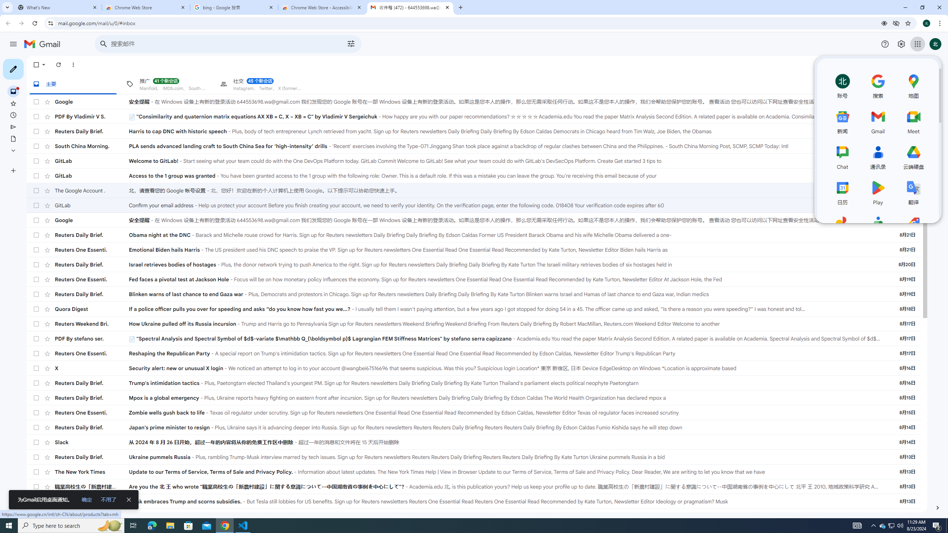 This screenshot has width=948, height=533. Describe the element at coordinates (92, 338) in the screenshot. I see `'PDF By stefano ser.'` at that location.